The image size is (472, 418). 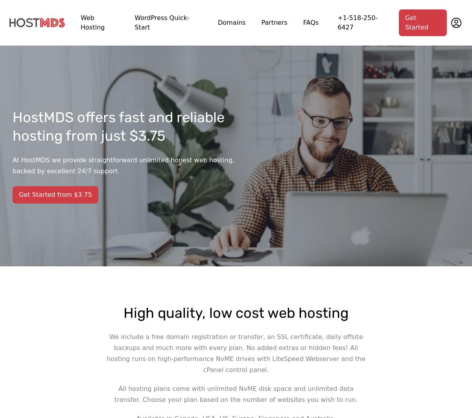 What do you see at coordinates (199, 169) in the screenshot?
I see `'SAFETY AND SECURITY'` at bounding box center [199, 169].